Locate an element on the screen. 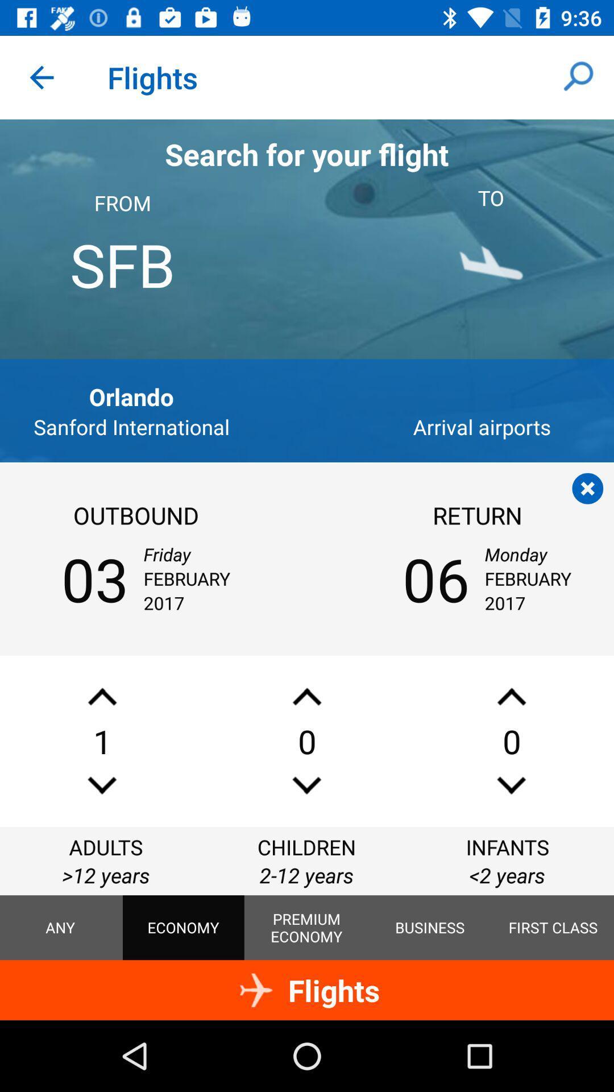 Image resolution: width=614 pixels, height=1092 pixels. increase number of adults is located at coordinates (102, 696).